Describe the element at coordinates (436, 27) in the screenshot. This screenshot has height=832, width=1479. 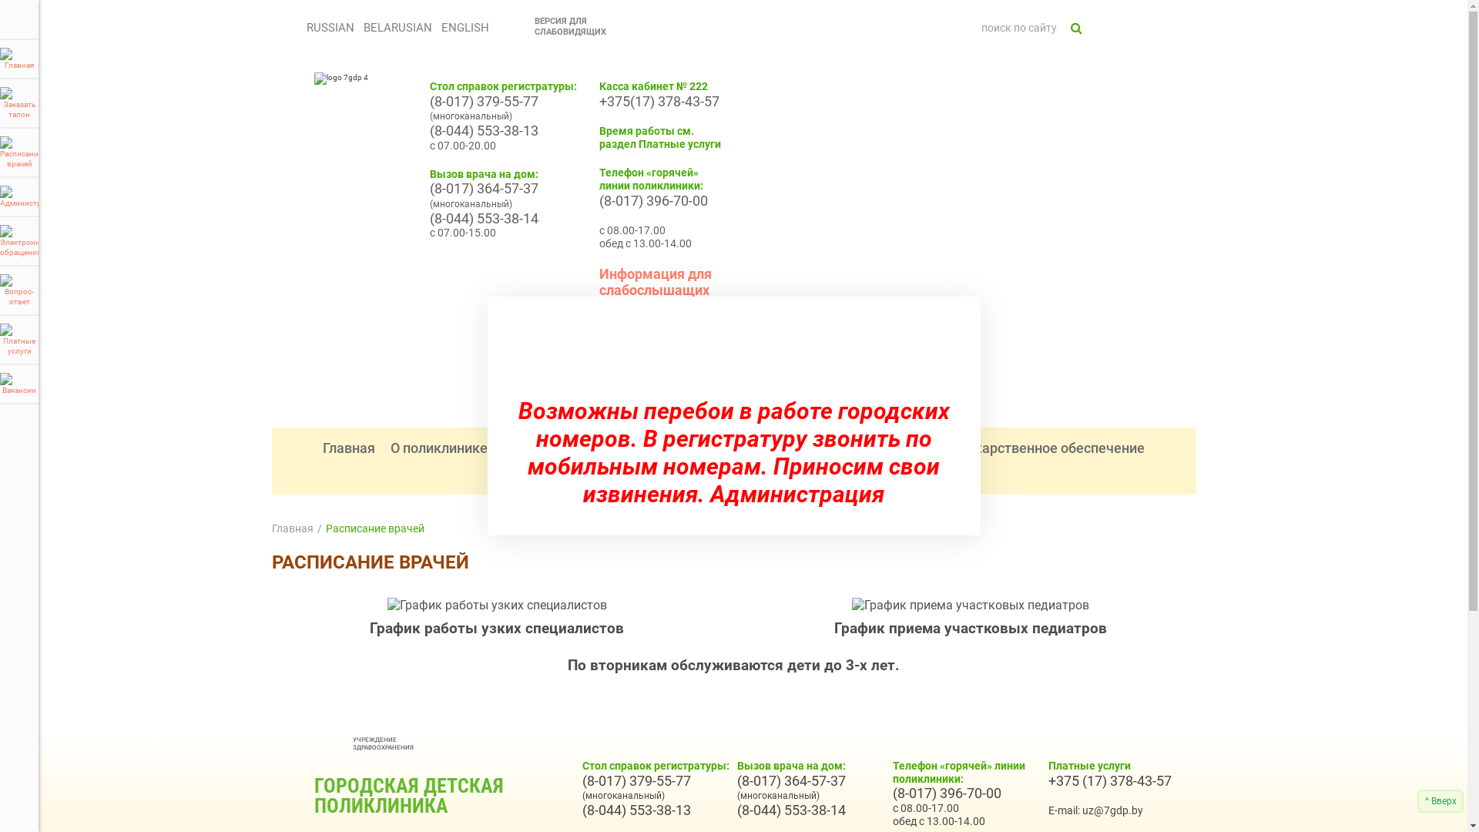
I see `'ENGLISH'` at that location.